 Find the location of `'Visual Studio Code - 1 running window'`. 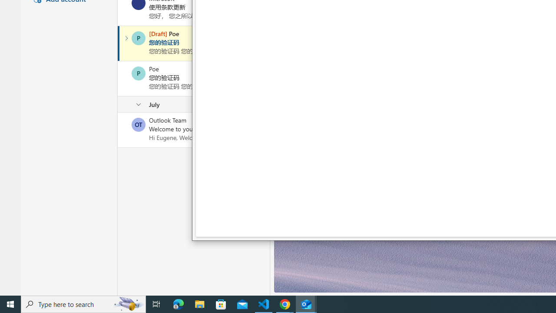

'Visual Studio Code - 1 running window' is located at coordinates (263, 303).